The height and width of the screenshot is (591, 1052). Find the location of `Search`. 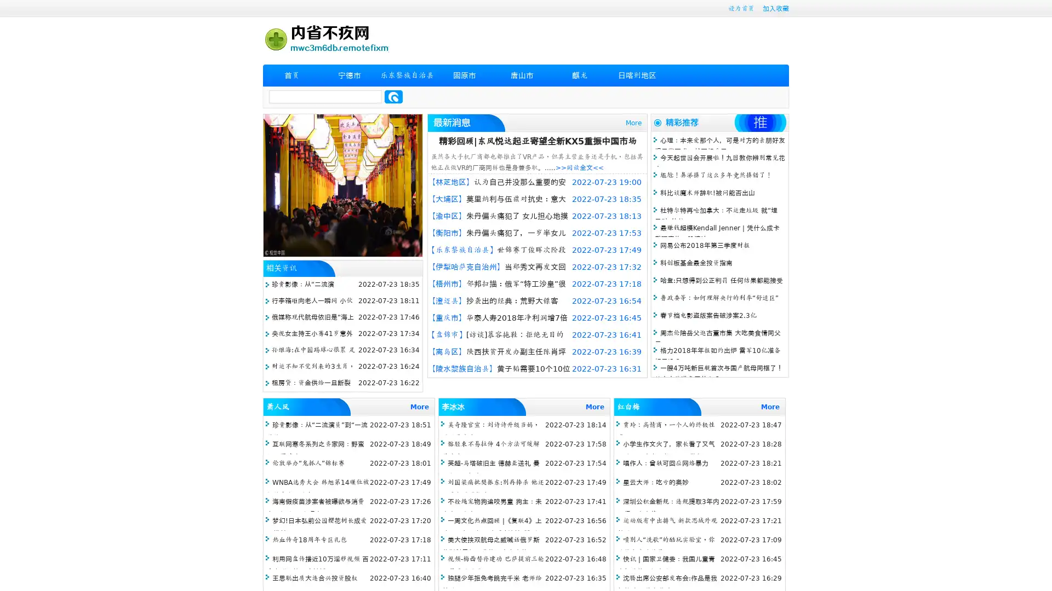

Search is located at coordinates (393, 96).